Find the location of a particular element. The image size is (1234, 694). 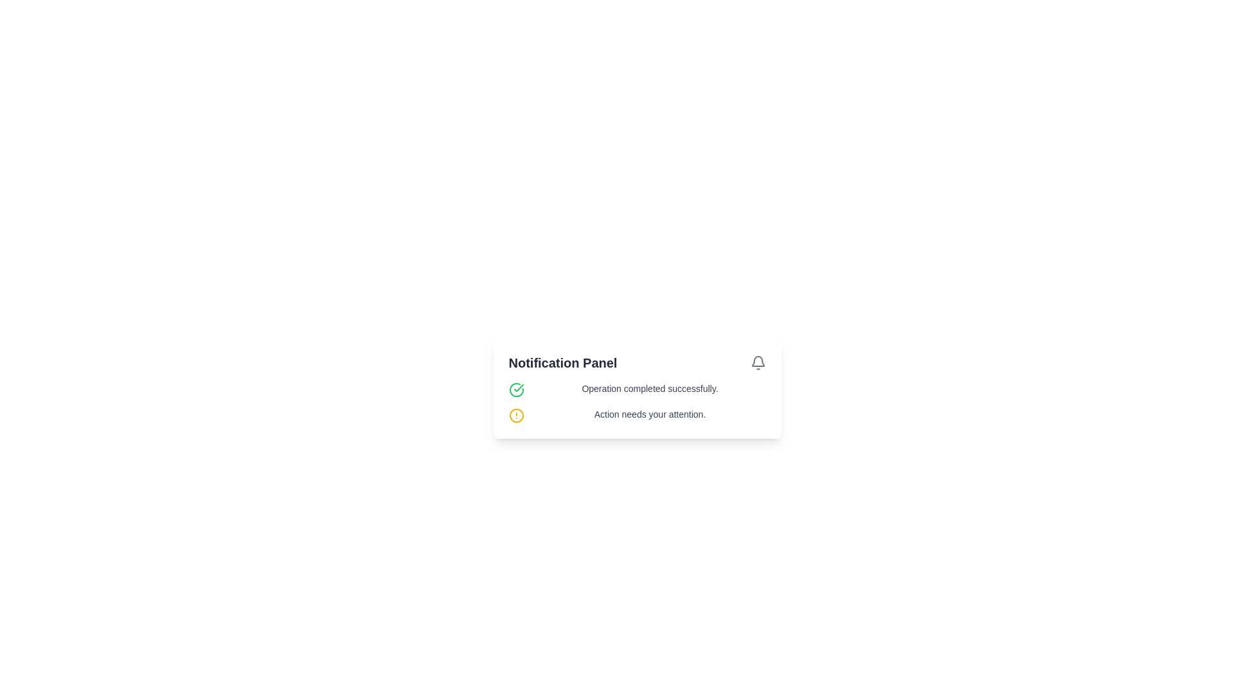

the leftmost icon is located at coordinates (516, 389).